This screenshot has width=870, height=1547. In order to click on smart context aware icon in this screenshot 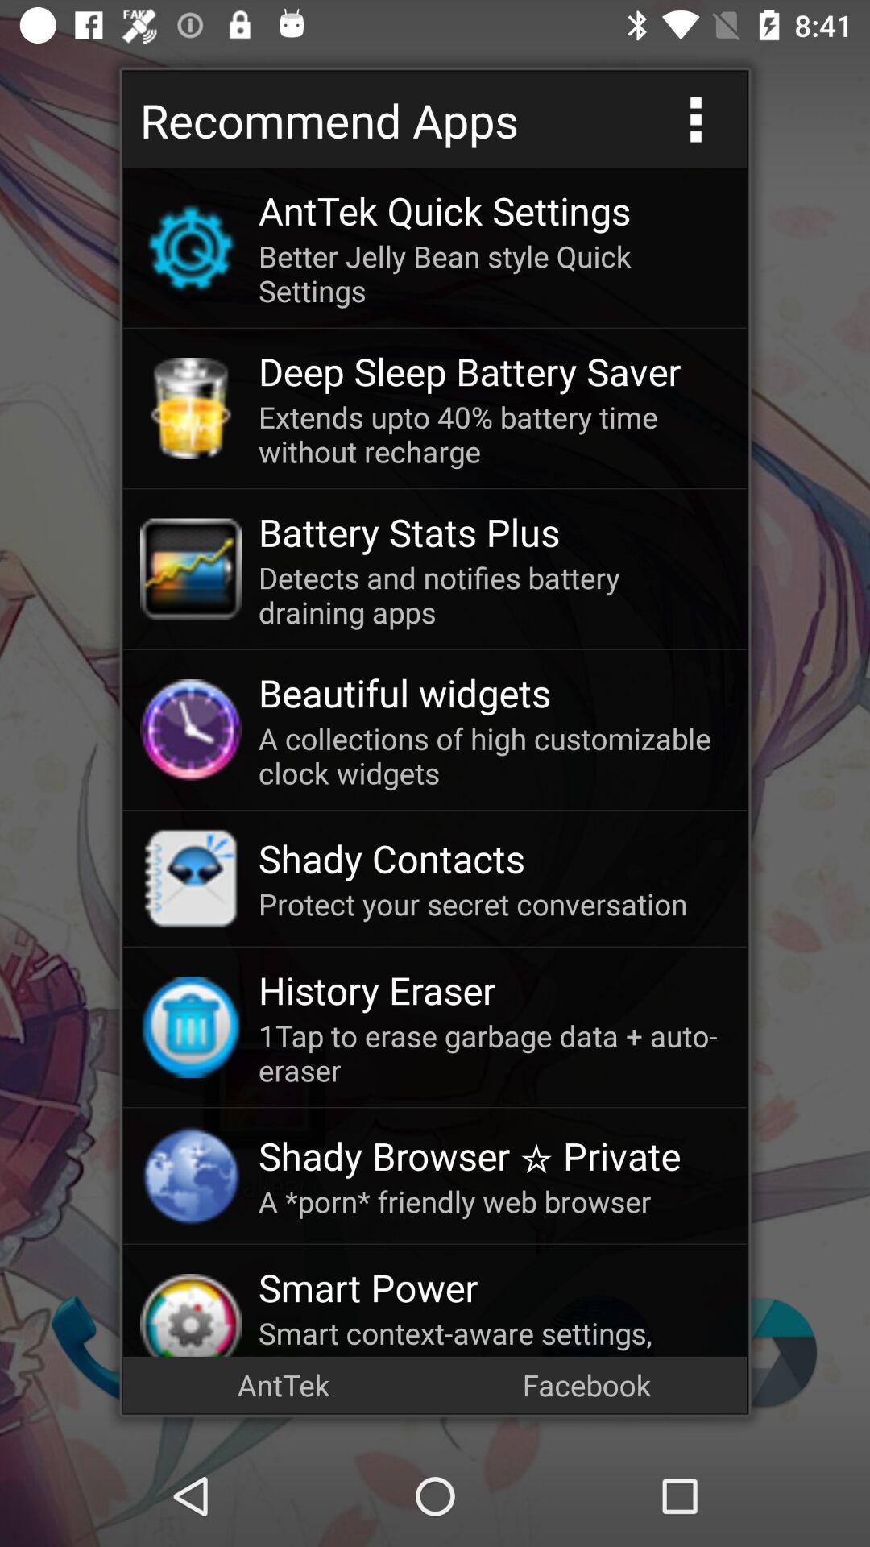, I will do `click(493, 1334)`.